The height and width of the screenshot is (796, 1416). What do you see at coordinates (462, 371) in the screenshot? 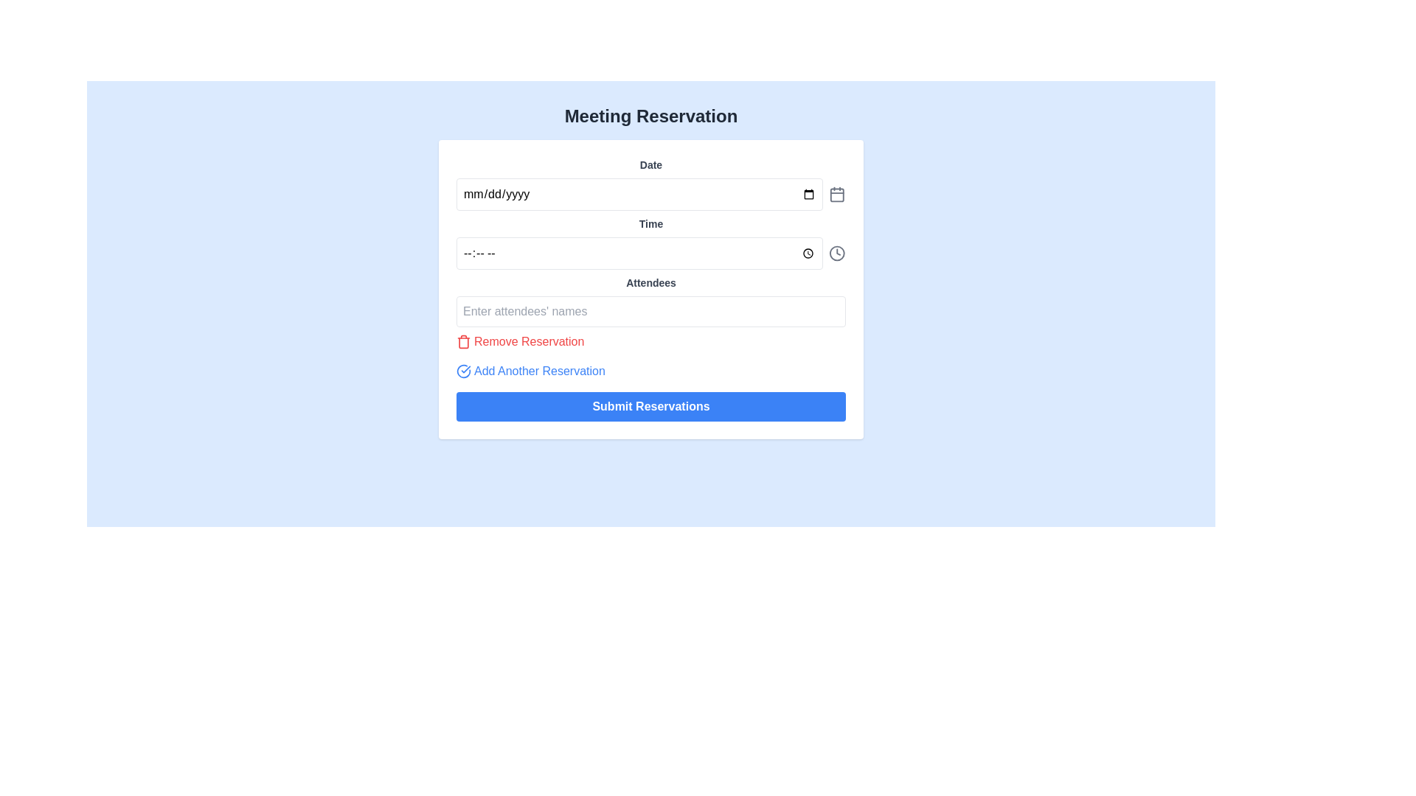
I see `the 'Add Another Reservation' button, which contains a small circular blue checkmark icon to the left of the button text` at bounding box center [462, 371].